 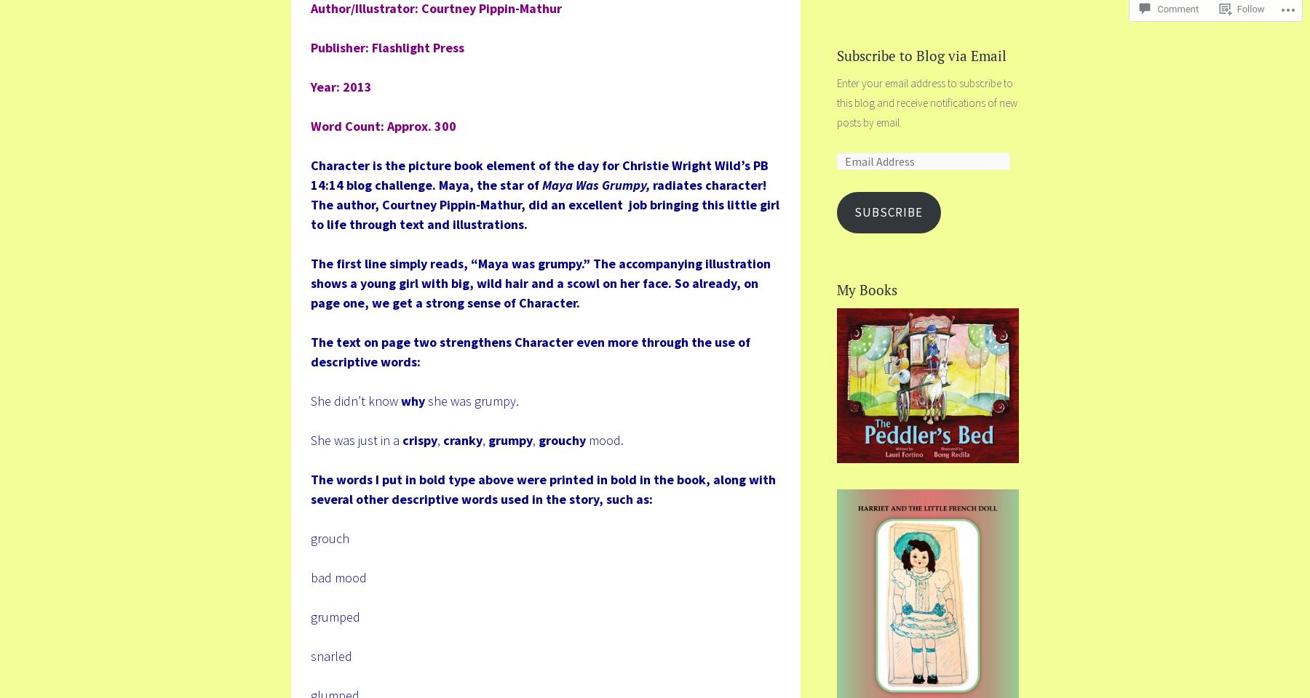 What do you see at coordinates (530, 350) in the screenshot?
I see `'The text on page two strengthens Character even more through the use of descriptive words:'` at bounding box center [530, 350].